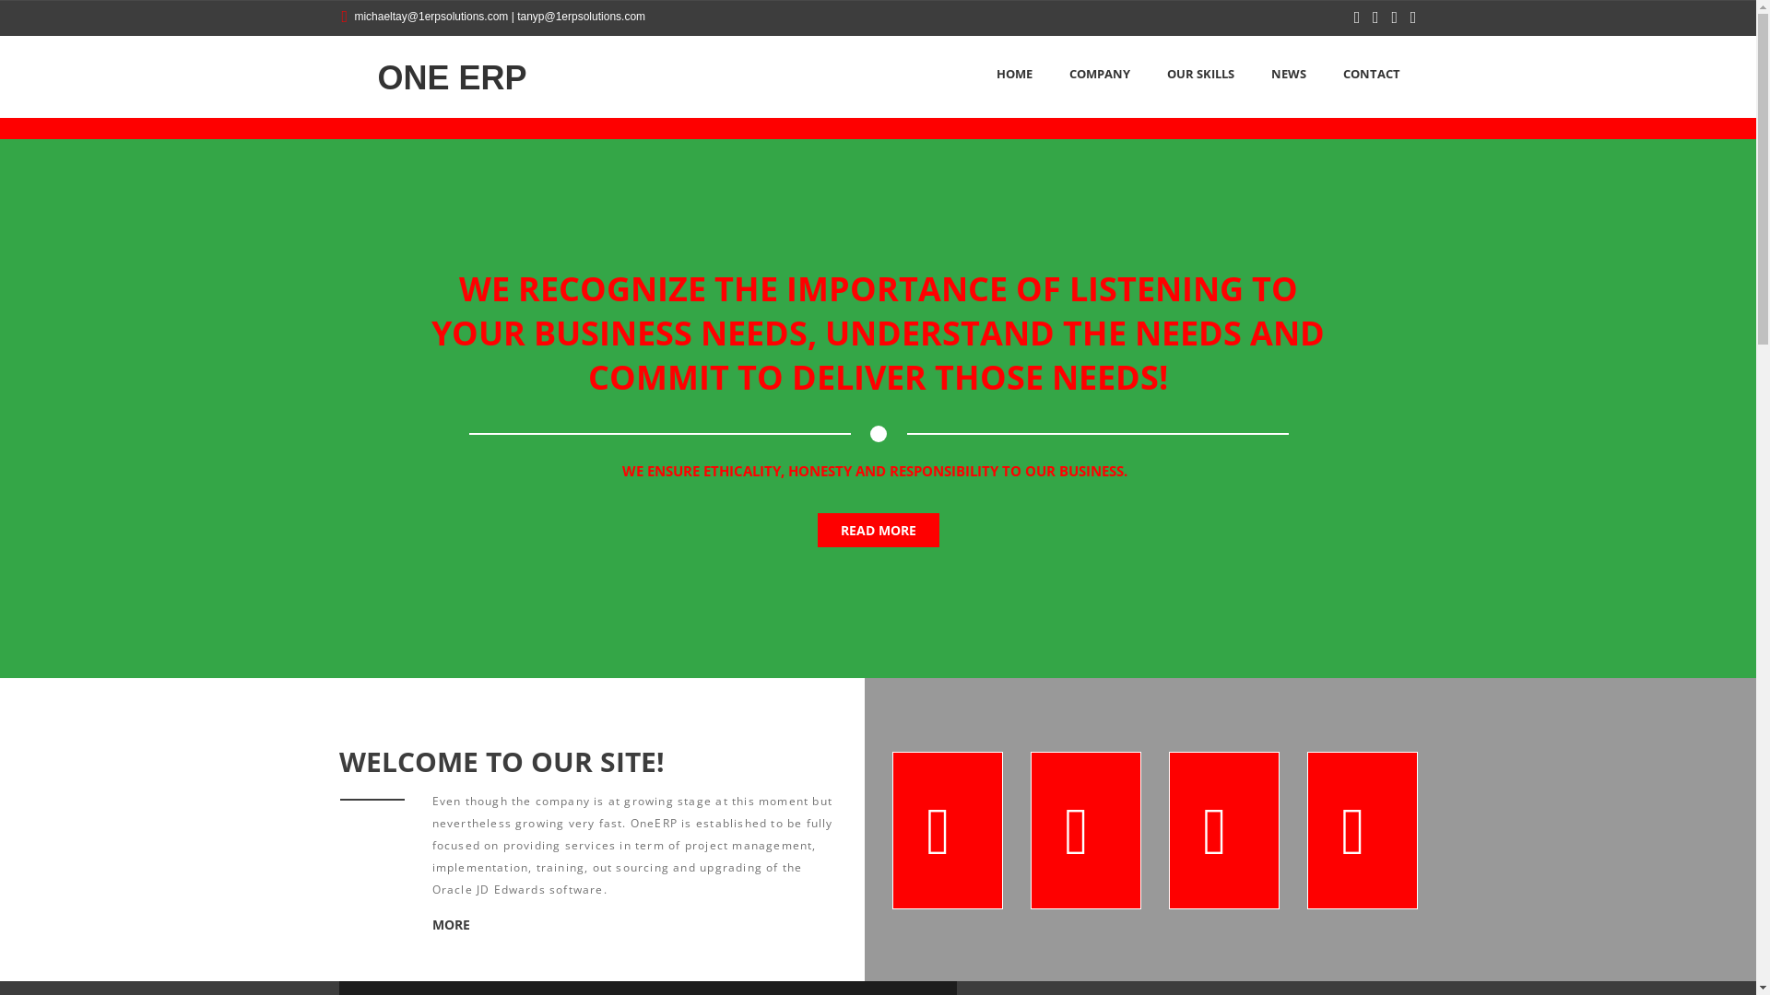 This screenshot has height=995, width=1770. Describe the element at coordinates (432, 76) in the screenshot. I see `'ONE ERP'` at that location.